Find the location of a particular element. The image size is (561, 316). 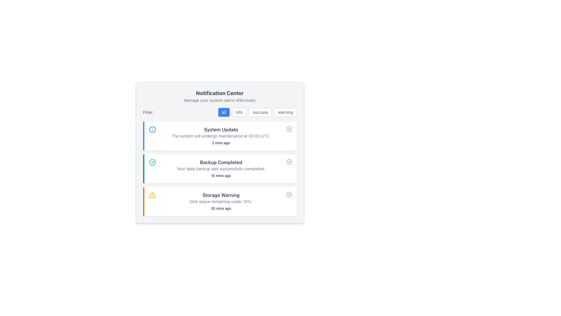

the Decorative SVG circle, which is a small stroke-only circle located next to the 'Storage Warning' alert in the notification center interface is located at coordinates (289, 194).